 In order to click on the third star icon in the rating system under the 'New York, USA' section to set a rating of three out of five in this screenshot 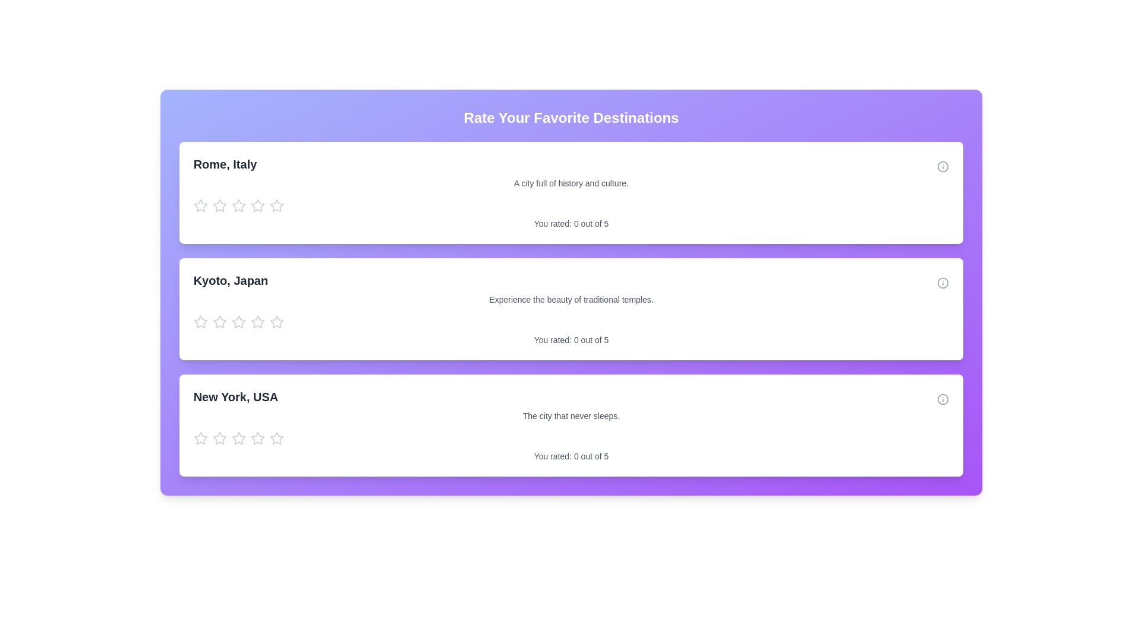, I will do `click(257, 438)`.